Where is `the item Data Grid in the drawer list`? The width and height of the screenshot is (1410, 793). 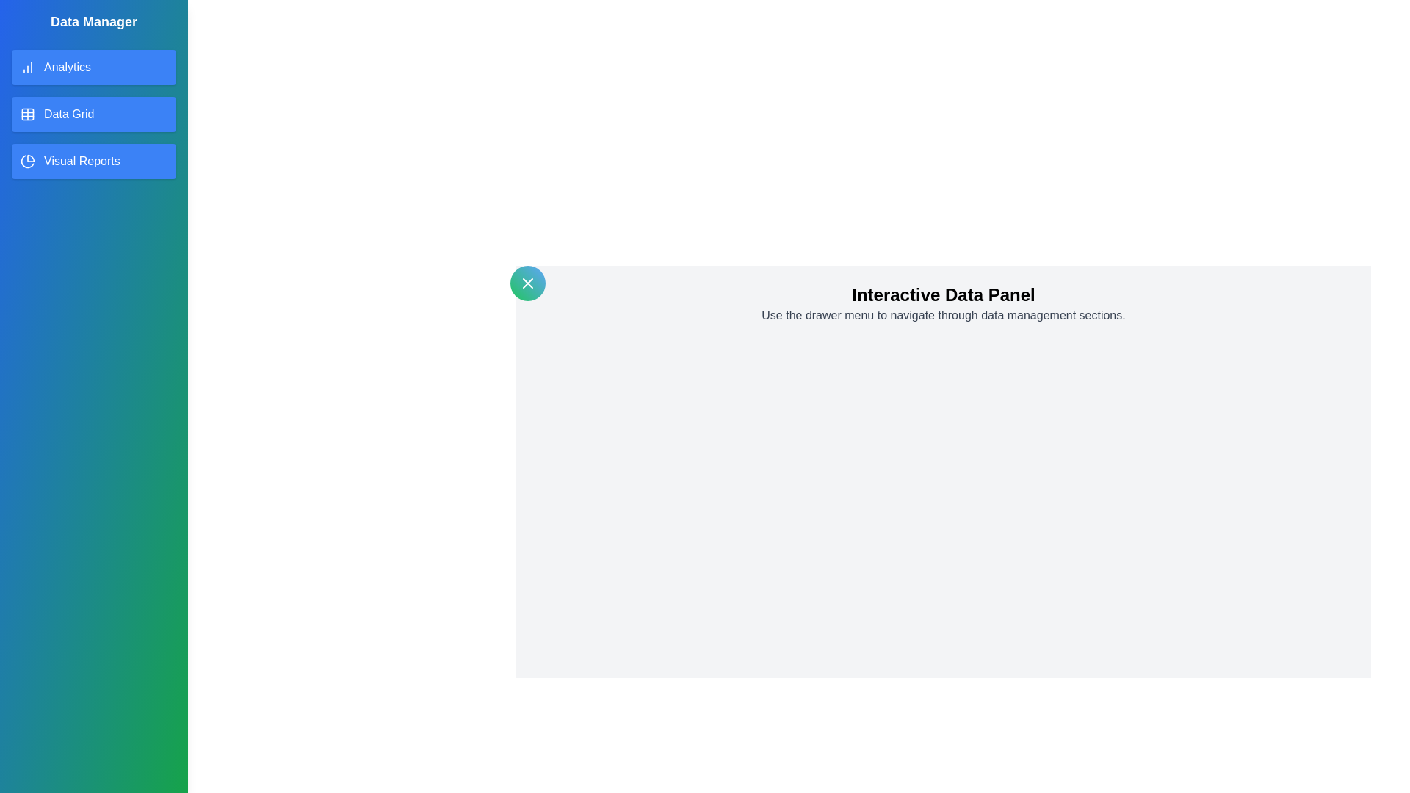
the item Data Grid in the drawer list is located at coordinates (93, 113).